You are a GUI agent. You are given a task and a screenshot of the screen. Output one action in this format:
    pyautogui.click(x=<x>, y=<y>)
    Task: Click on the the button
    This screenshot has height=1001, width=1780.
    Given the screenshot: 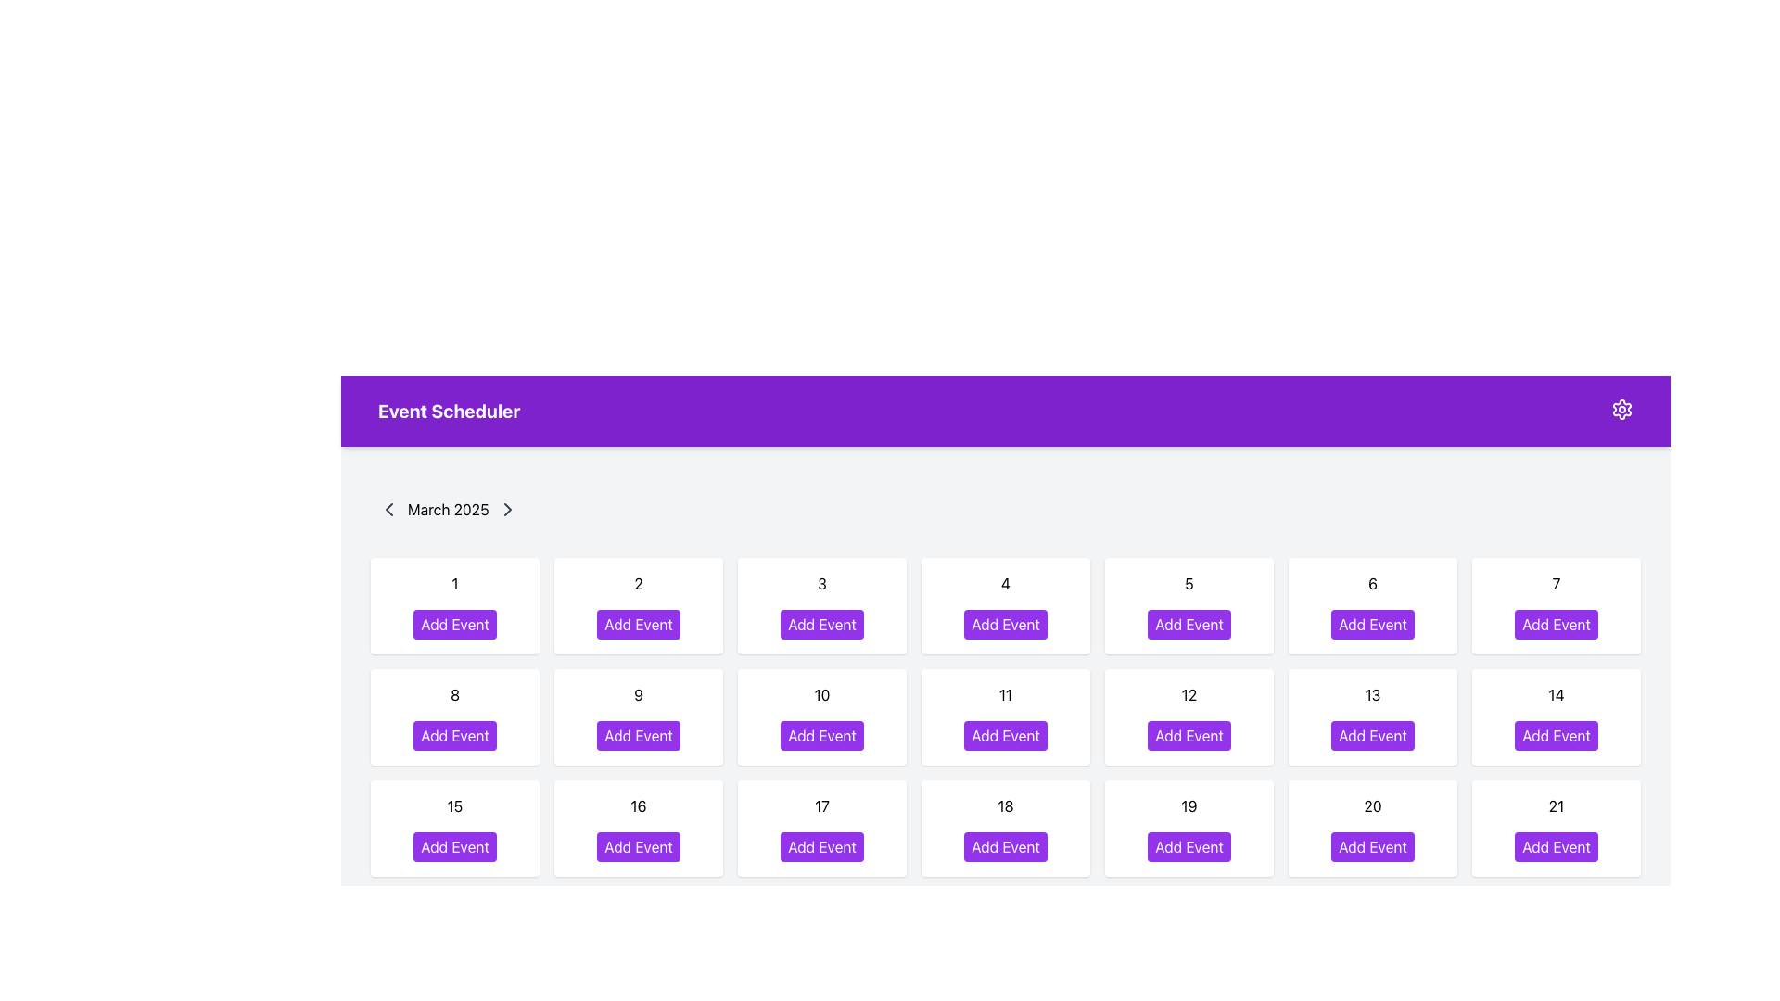 What is the action you would take?
    pyautogui.click(x=639, y=625)
    